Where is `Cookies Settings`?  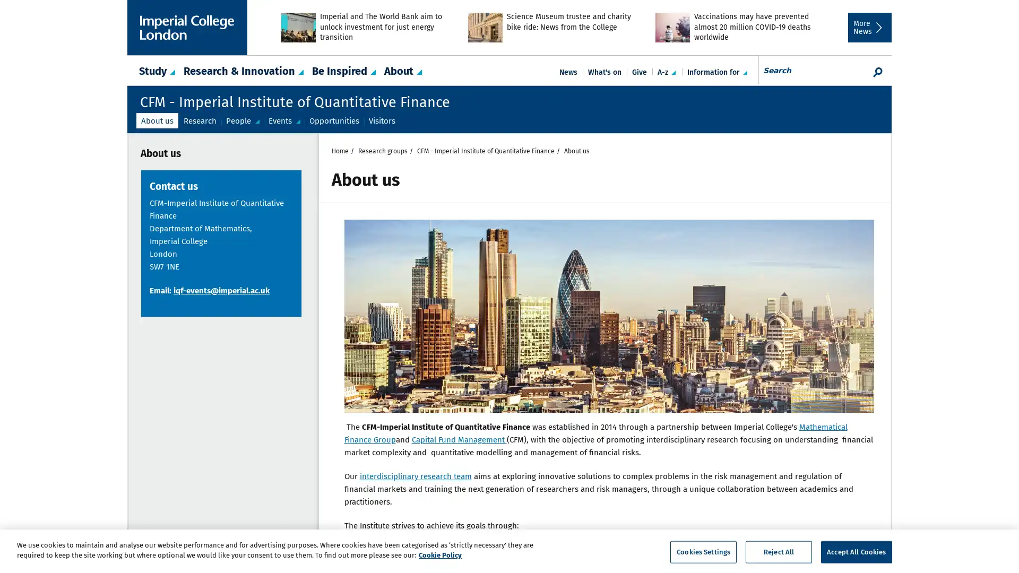 Cookies Settings is located at coordinates (703, 551).